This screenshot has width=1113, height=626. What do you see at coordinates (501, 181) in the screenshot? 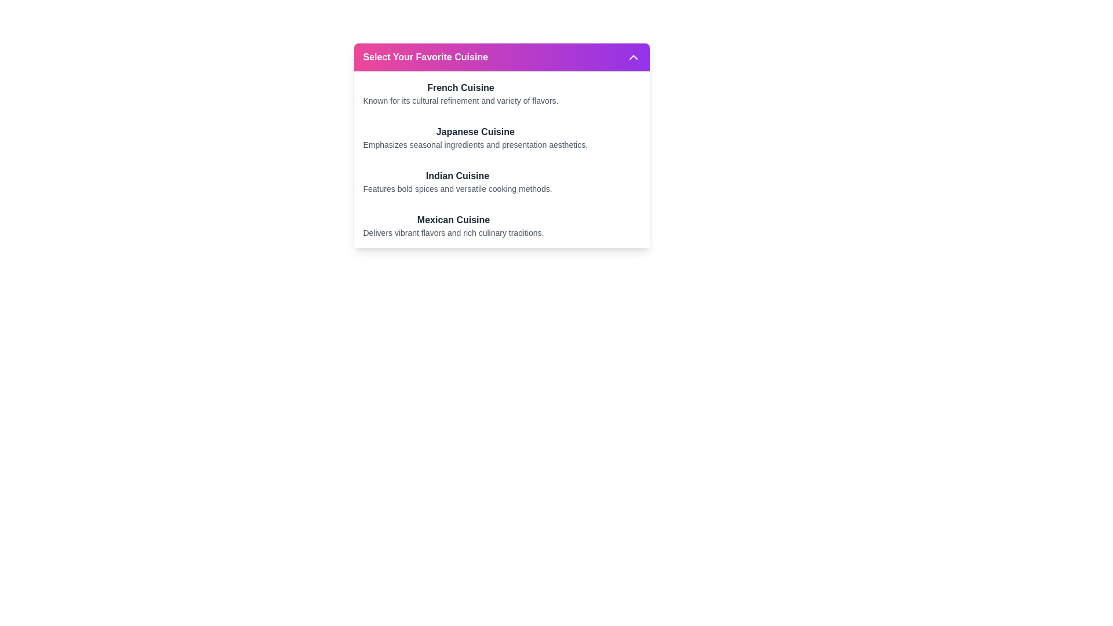
I see `the 'Indian Cuisine' option in the vertical list of cuisine preferences, which is the third item below 'French Cuisine' and above 'Mexican Cuisine'` at bounding box center [501, 181].